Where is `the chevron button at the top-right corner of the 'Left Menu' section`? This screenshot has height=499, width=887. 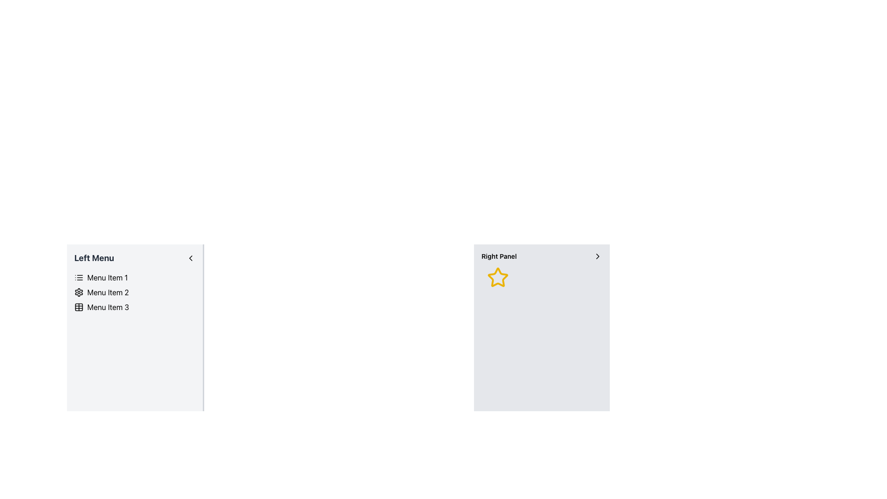
the chevron button at the top-right corner of the 'Left Menu' section is located at coordinates (190, 258).